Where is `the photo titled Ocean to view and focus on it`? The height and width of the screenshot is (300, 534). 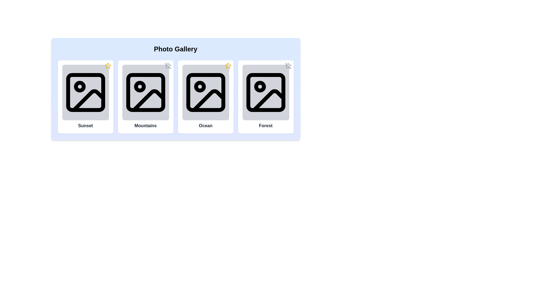 the photo titled Ocean to view and focus on it is located at coordinates (205, 92).